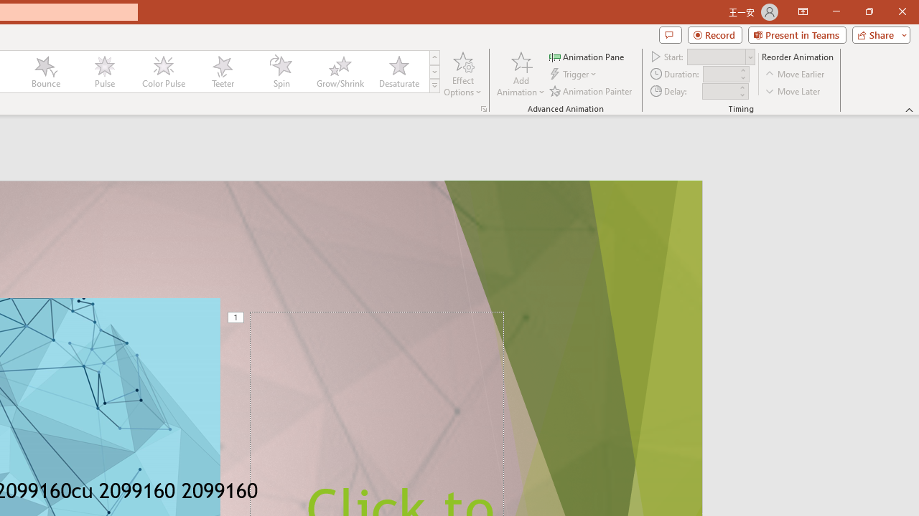 The image size is (919, 516). What do you see at coordinates (339, 72) in the screenshot?
I see `'Grow/Shrink'` at bounding box center [339, 72].